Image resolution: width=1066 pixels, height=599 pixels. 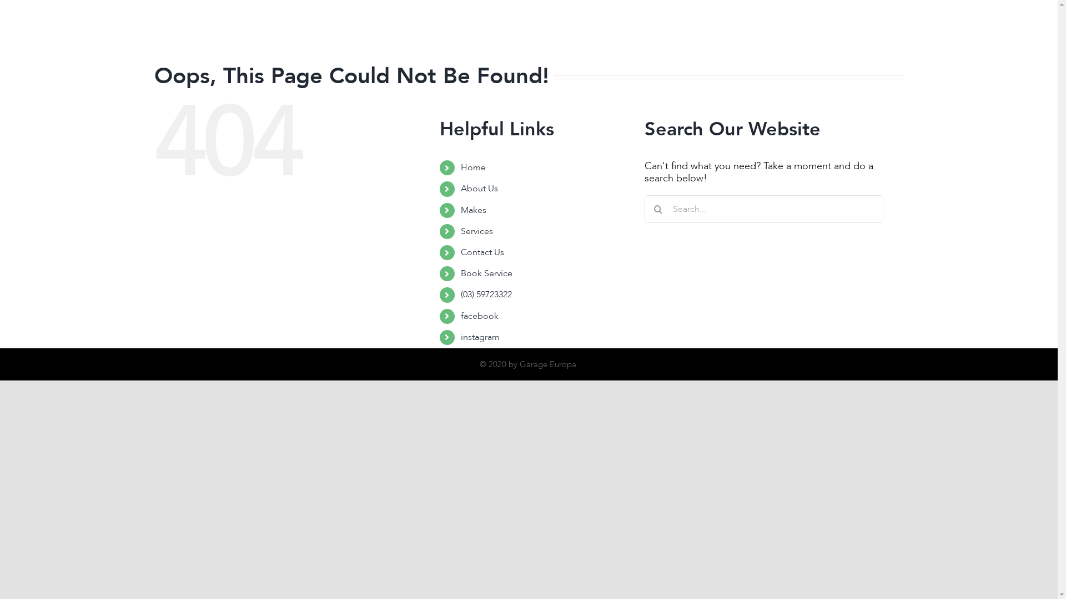 I want to click on 'Home', so click(x=446, y=28).